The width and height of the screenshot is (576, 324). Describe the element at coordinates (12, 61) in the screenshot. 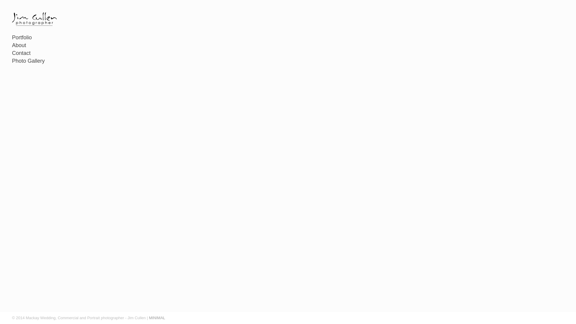

I see `'Photo Gallery'` at that location.